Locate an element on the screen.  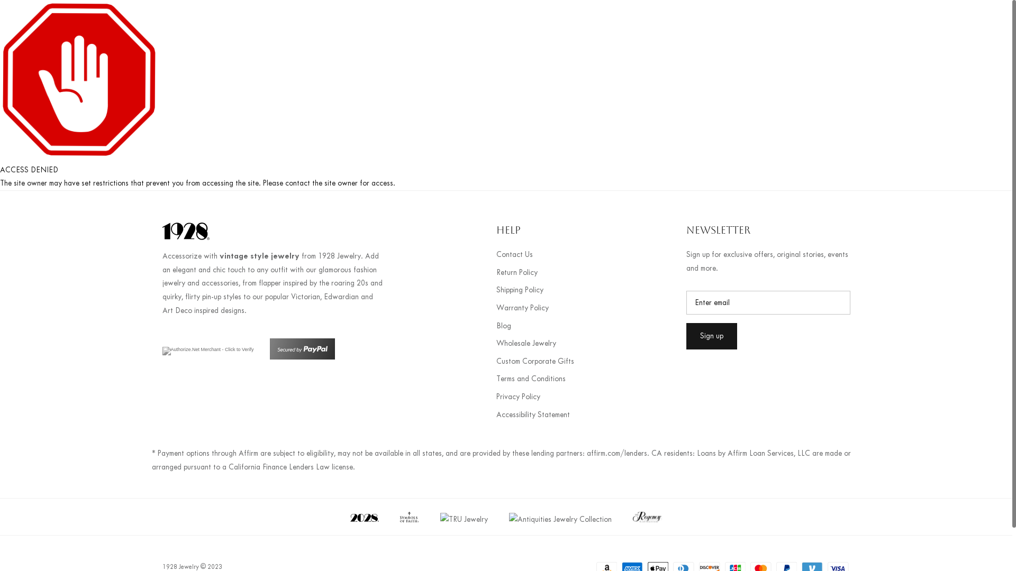
'Accessibility Statement' is located at coordinates (533, 414).